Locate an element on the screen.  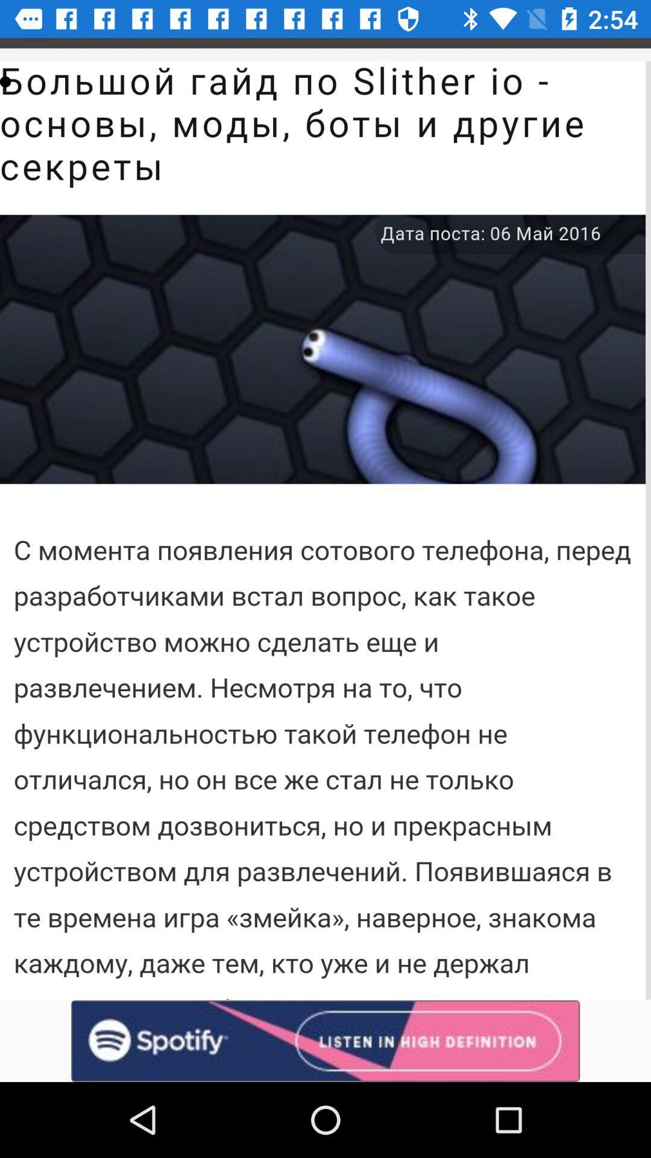
the volume icon is located at coordinates (407, 1049).